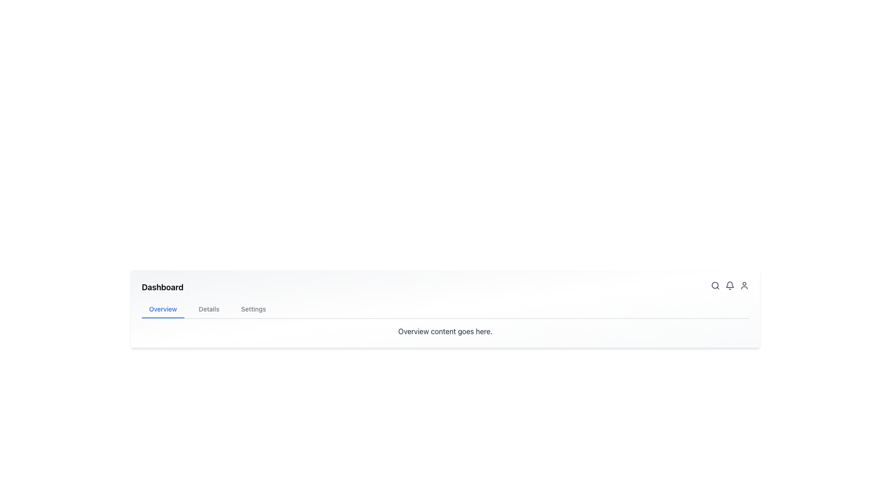 This screenshot has height=489, width=870. Describe the element at coordinates (730, 286) in the screenshot. I see `the notification bell icon located` at that location.